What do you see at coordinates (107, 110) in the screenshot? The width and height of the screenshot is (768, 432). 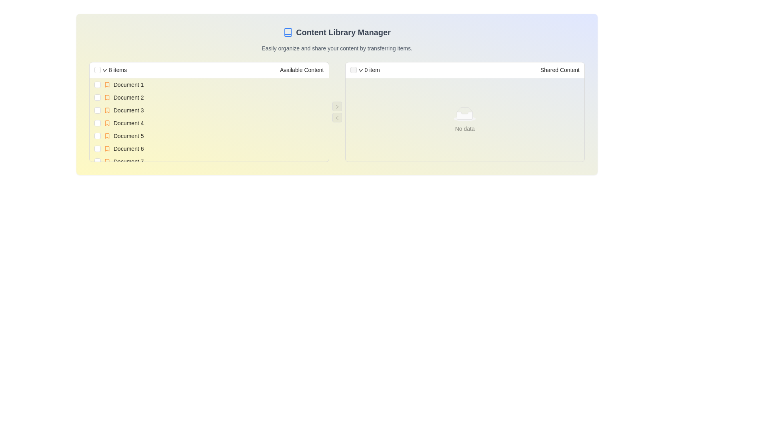 I see `the orange bookmark icon located next to 'Document 3' in the left-side panel` at bounding box center [107, 110].